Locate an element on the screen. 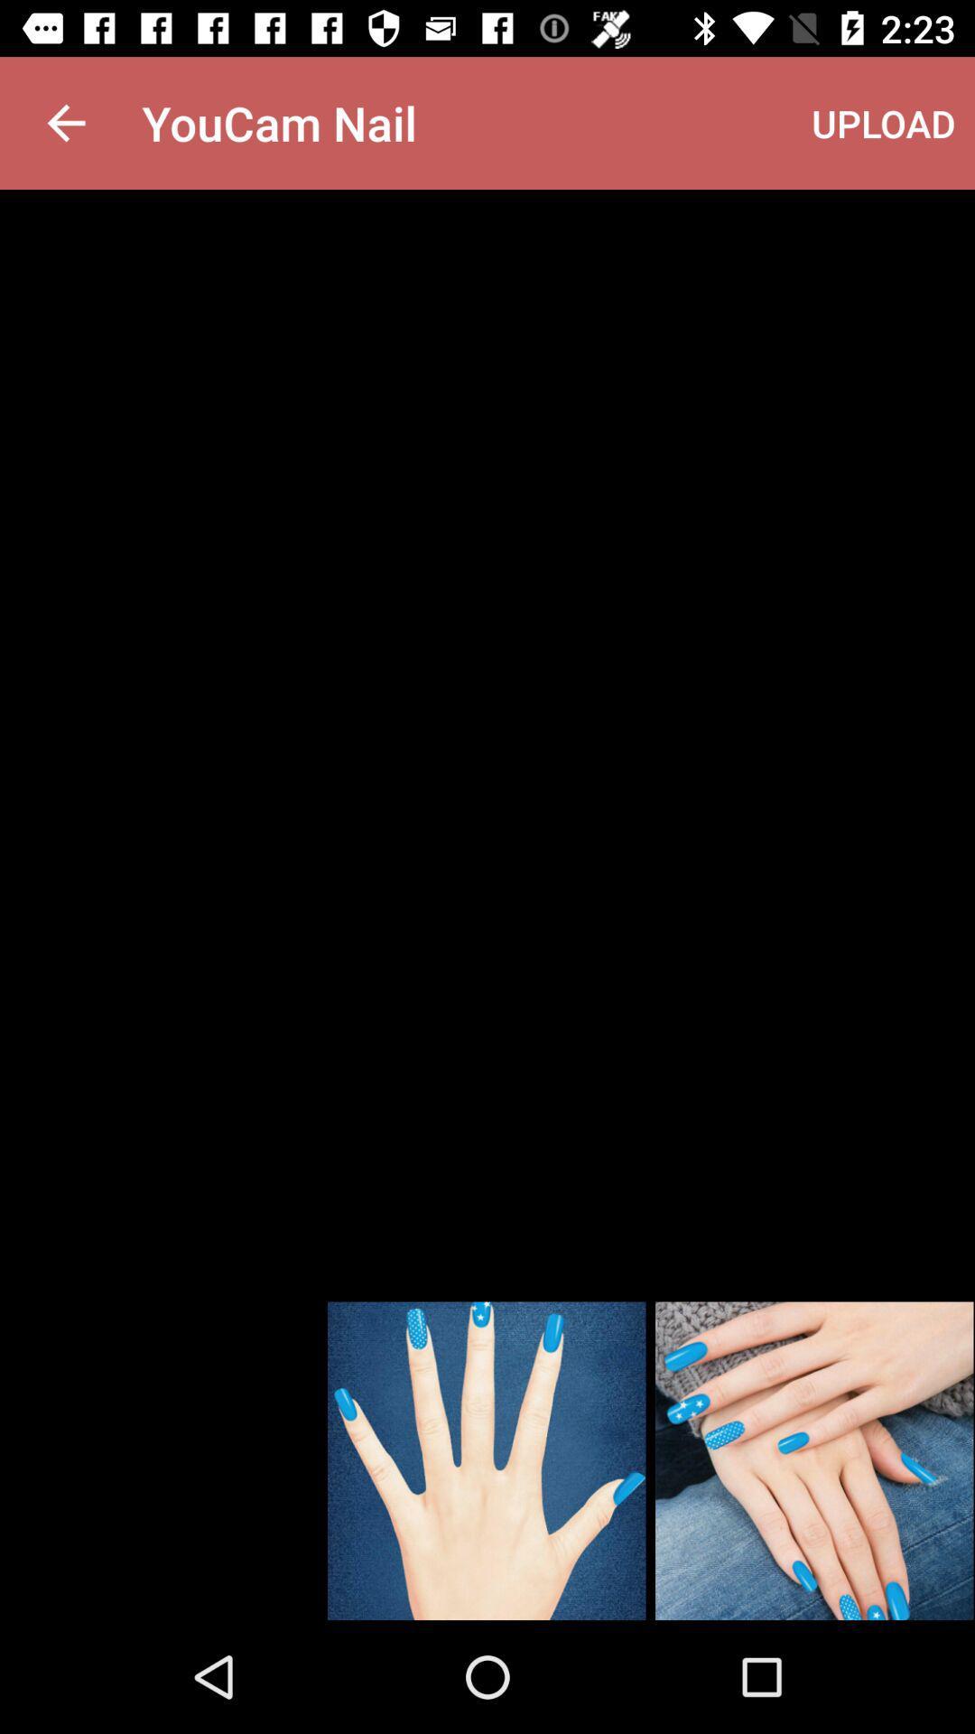 The height and width of the screenshot is (1734, 975). the item to the left of the youcam nail item is located at coordinates (65, 122).